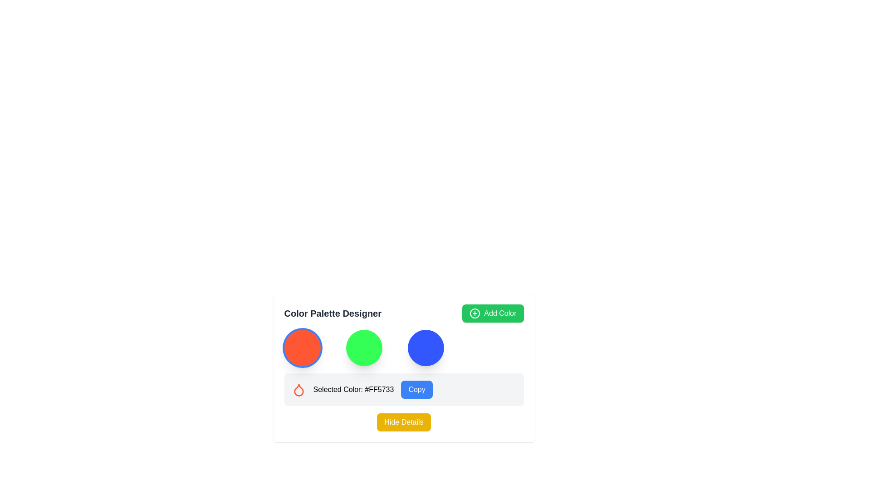  Describe the element at coordinates (353, 389) in the screenshot. I see `the static text element that displays the selected color in the color picker tool, located between the droplet icon and the 'Copy' button` at that location.